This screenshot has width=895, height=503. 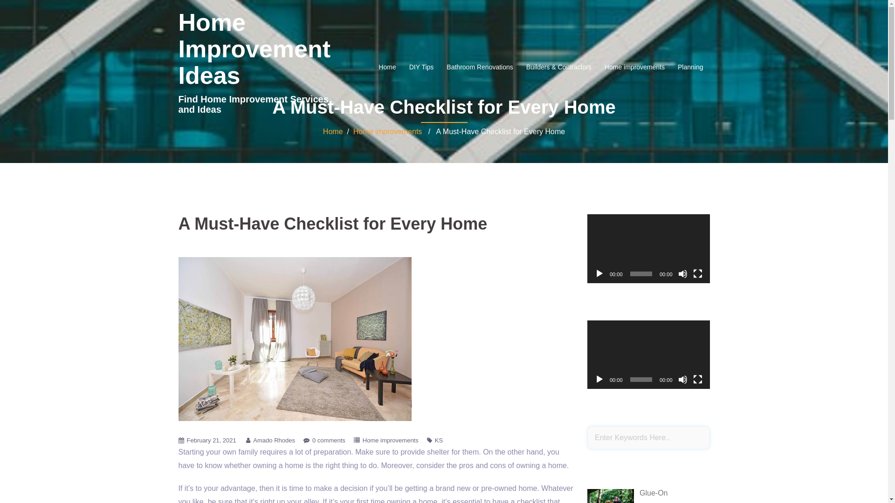 I want to click on 'Builders & Contractors', so click(x=526, y=67).